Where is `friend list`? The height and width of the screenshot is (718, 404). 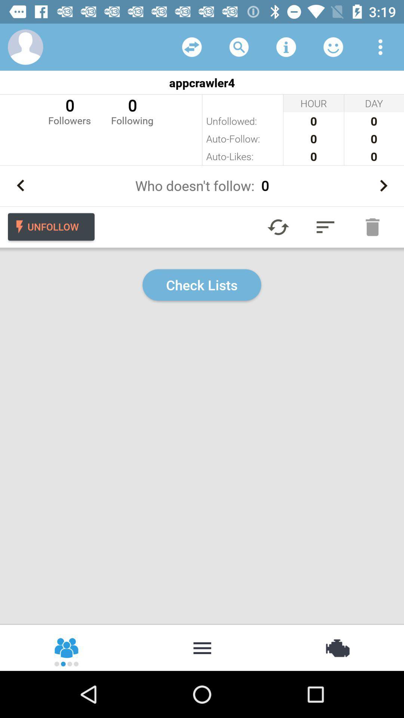 friend list is located at coordinates (333, 46).